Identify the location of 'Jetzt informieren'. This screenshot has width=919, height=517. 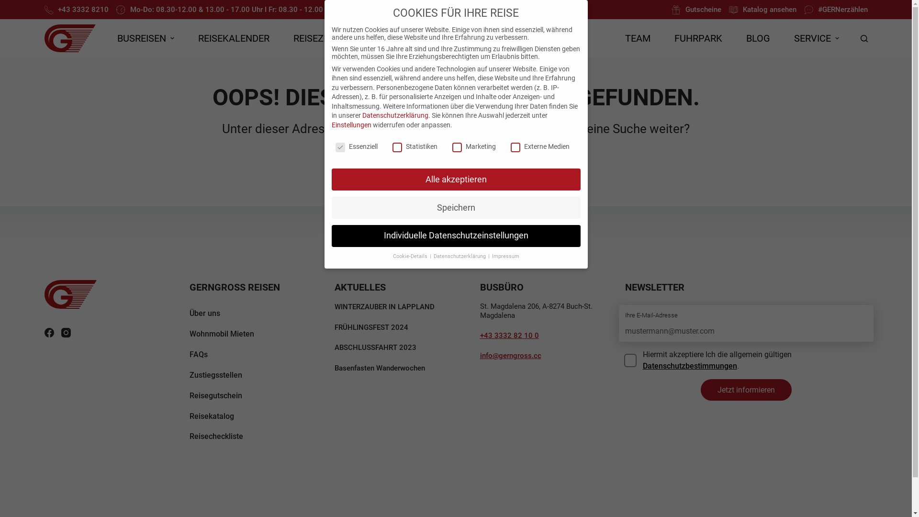
(746, 390).